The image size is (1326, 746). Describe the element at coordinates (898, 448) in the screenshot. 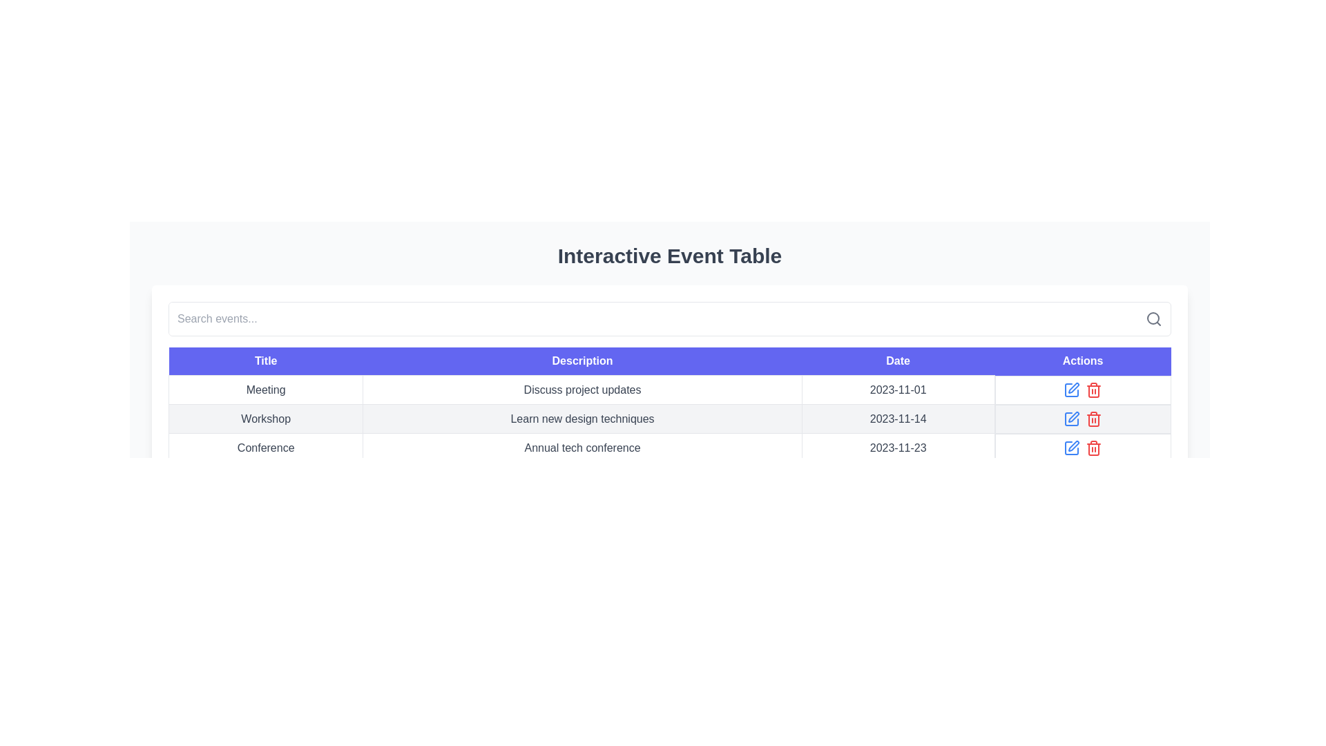

I see `the Text label displaying the date for the 'Conference' event located in the third row of the table under the 'Date' column` at that location.